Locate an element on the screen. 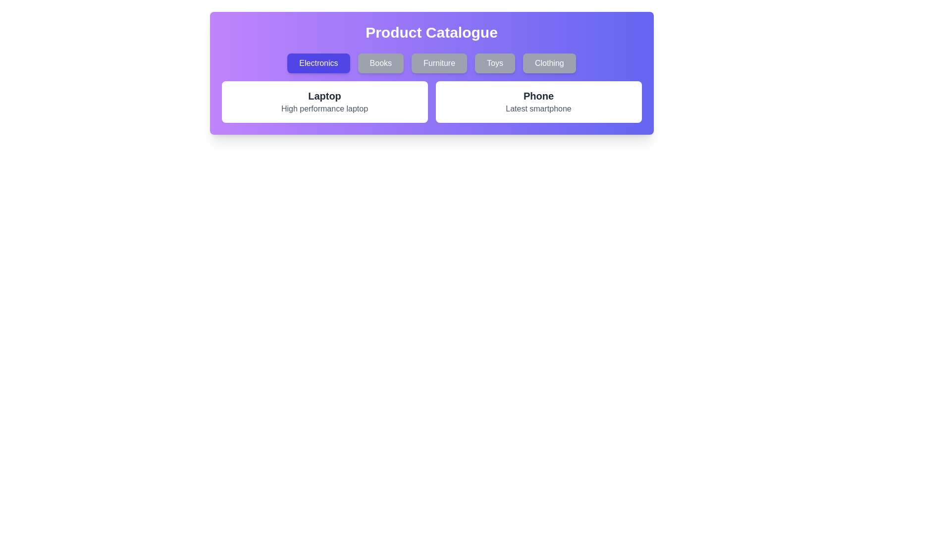  the product card for Laptop is located at coordinates (324, 102).